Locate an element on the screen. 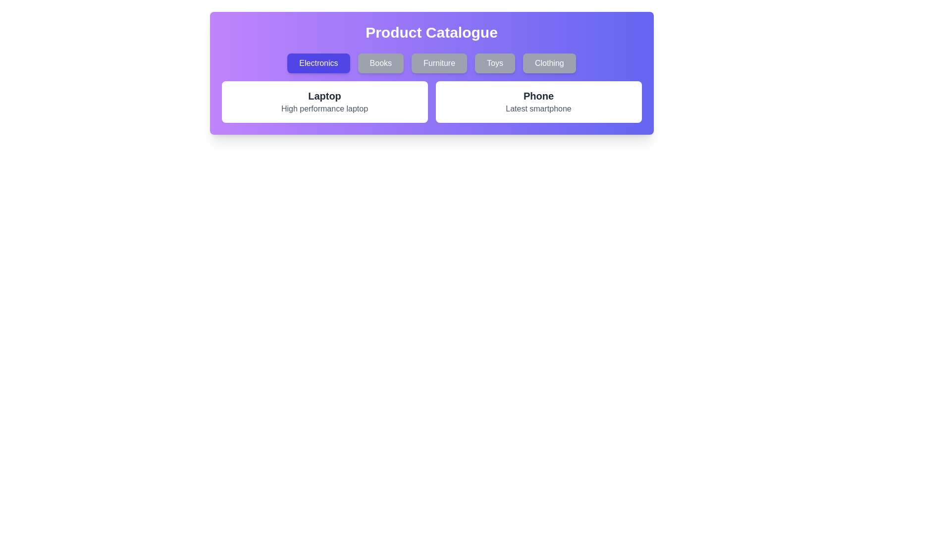  the product card for Laptop is located at coordinates (324, 102).